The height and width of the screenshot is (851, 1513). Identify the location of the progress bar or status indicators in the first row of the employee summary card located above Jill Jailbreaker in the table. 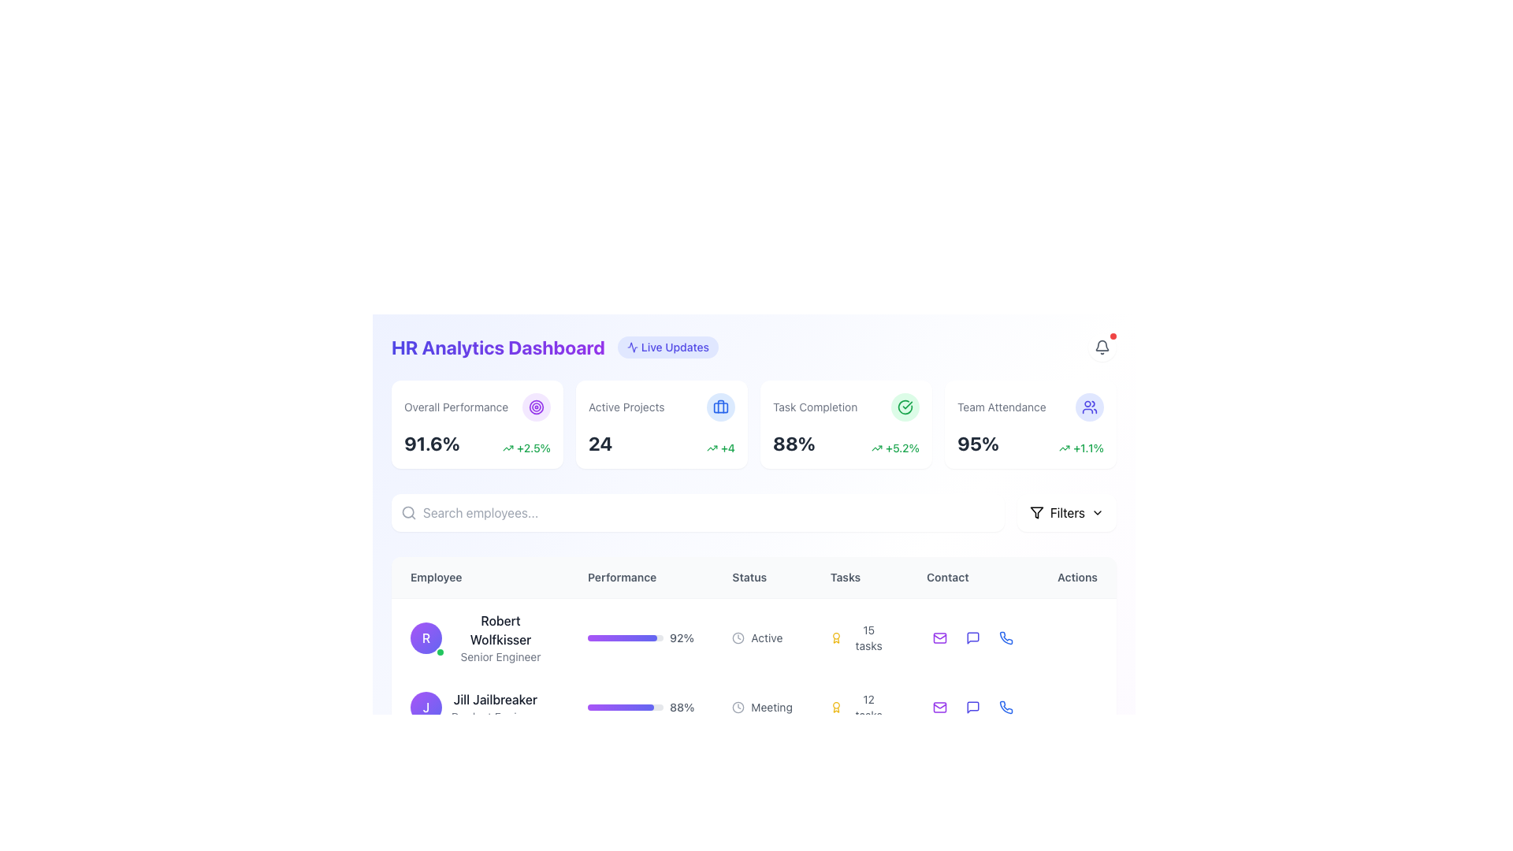
(753, 637).